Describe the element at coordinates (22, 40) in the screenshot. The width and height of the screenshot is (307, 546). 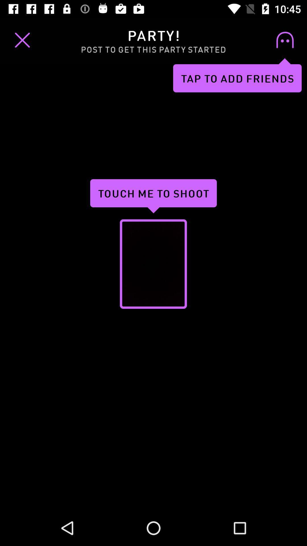
I see `the close icon` at that location.